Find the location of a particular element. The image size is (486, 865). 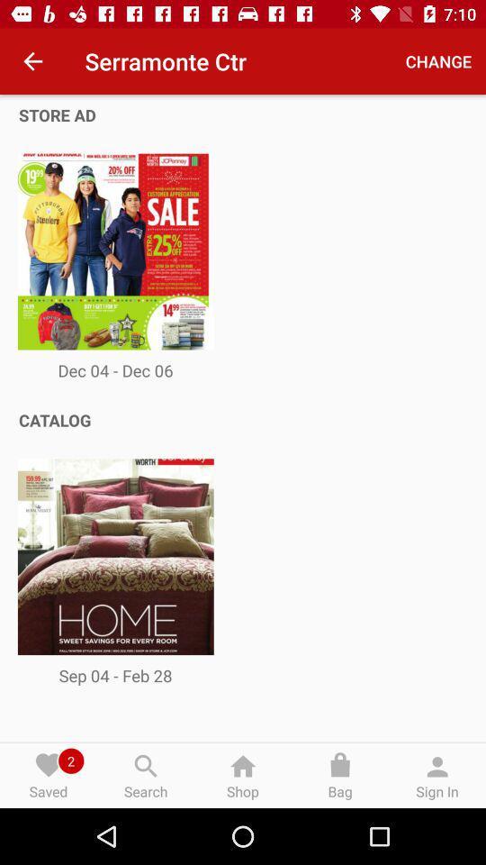

the image below the catalog is located at coordinates (116, 556).